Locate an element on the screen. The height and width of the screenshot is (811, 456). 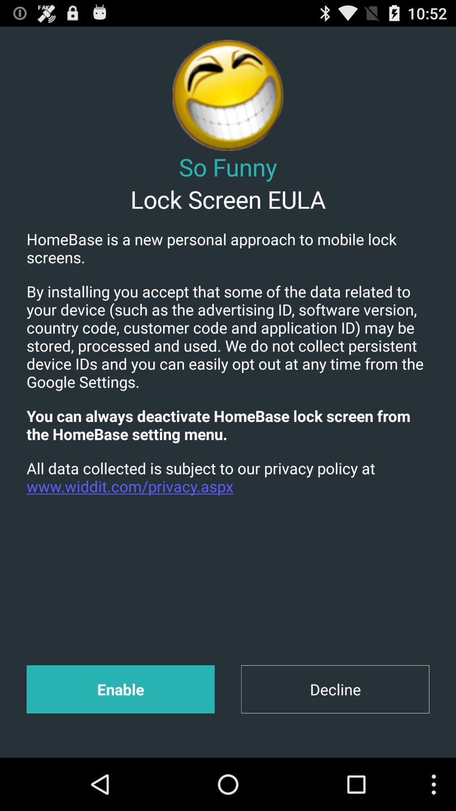
enable app is located at coordinates (120, 689).